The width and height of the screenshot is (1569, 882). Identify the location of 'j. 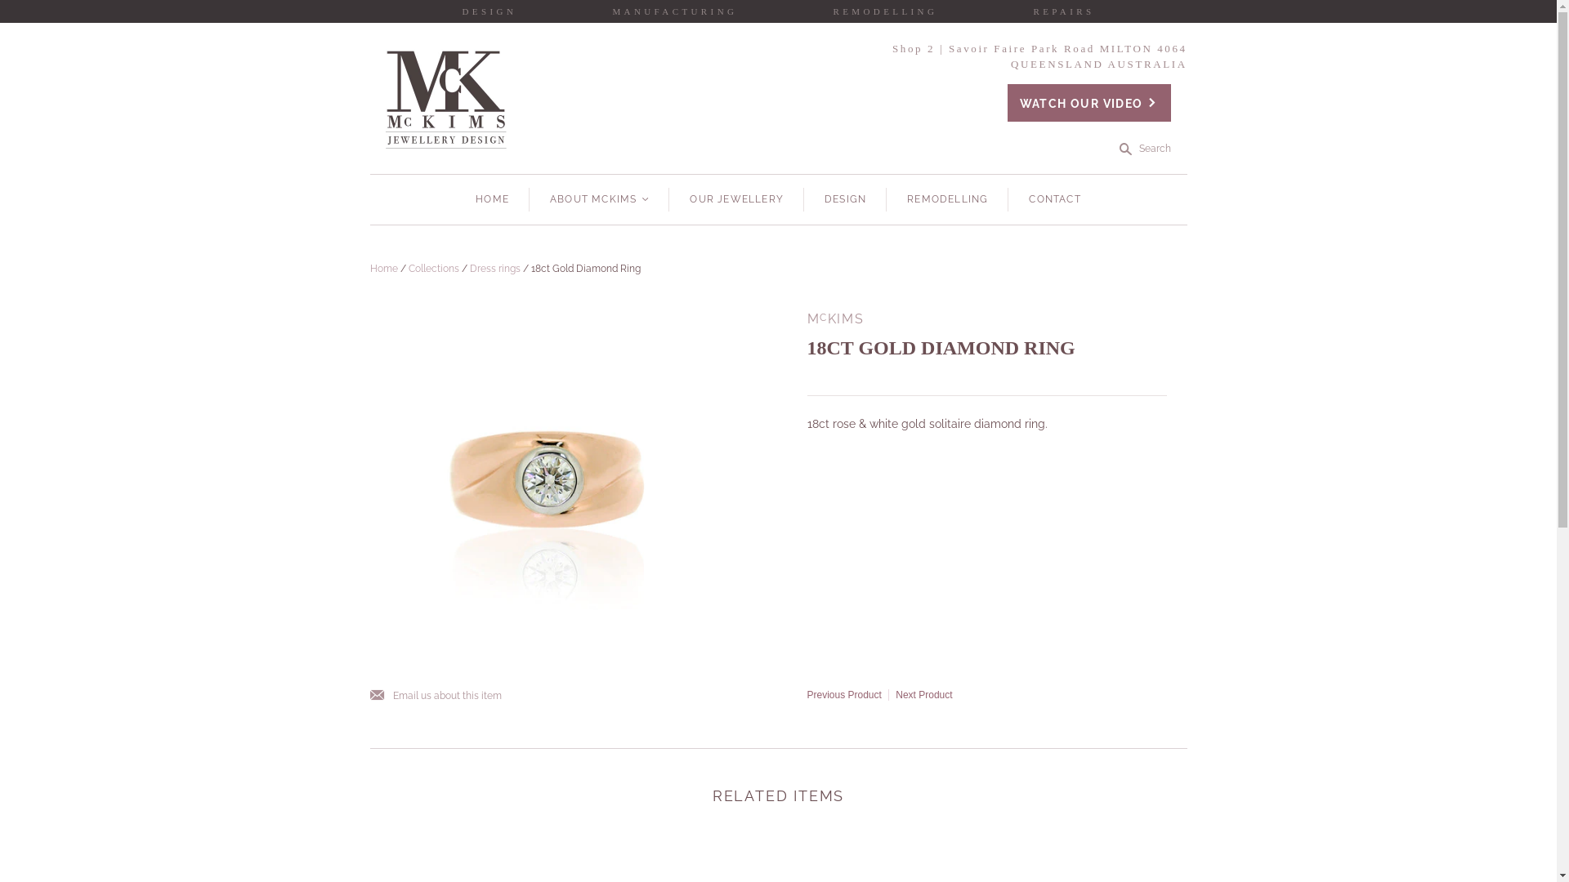
(368, 696).